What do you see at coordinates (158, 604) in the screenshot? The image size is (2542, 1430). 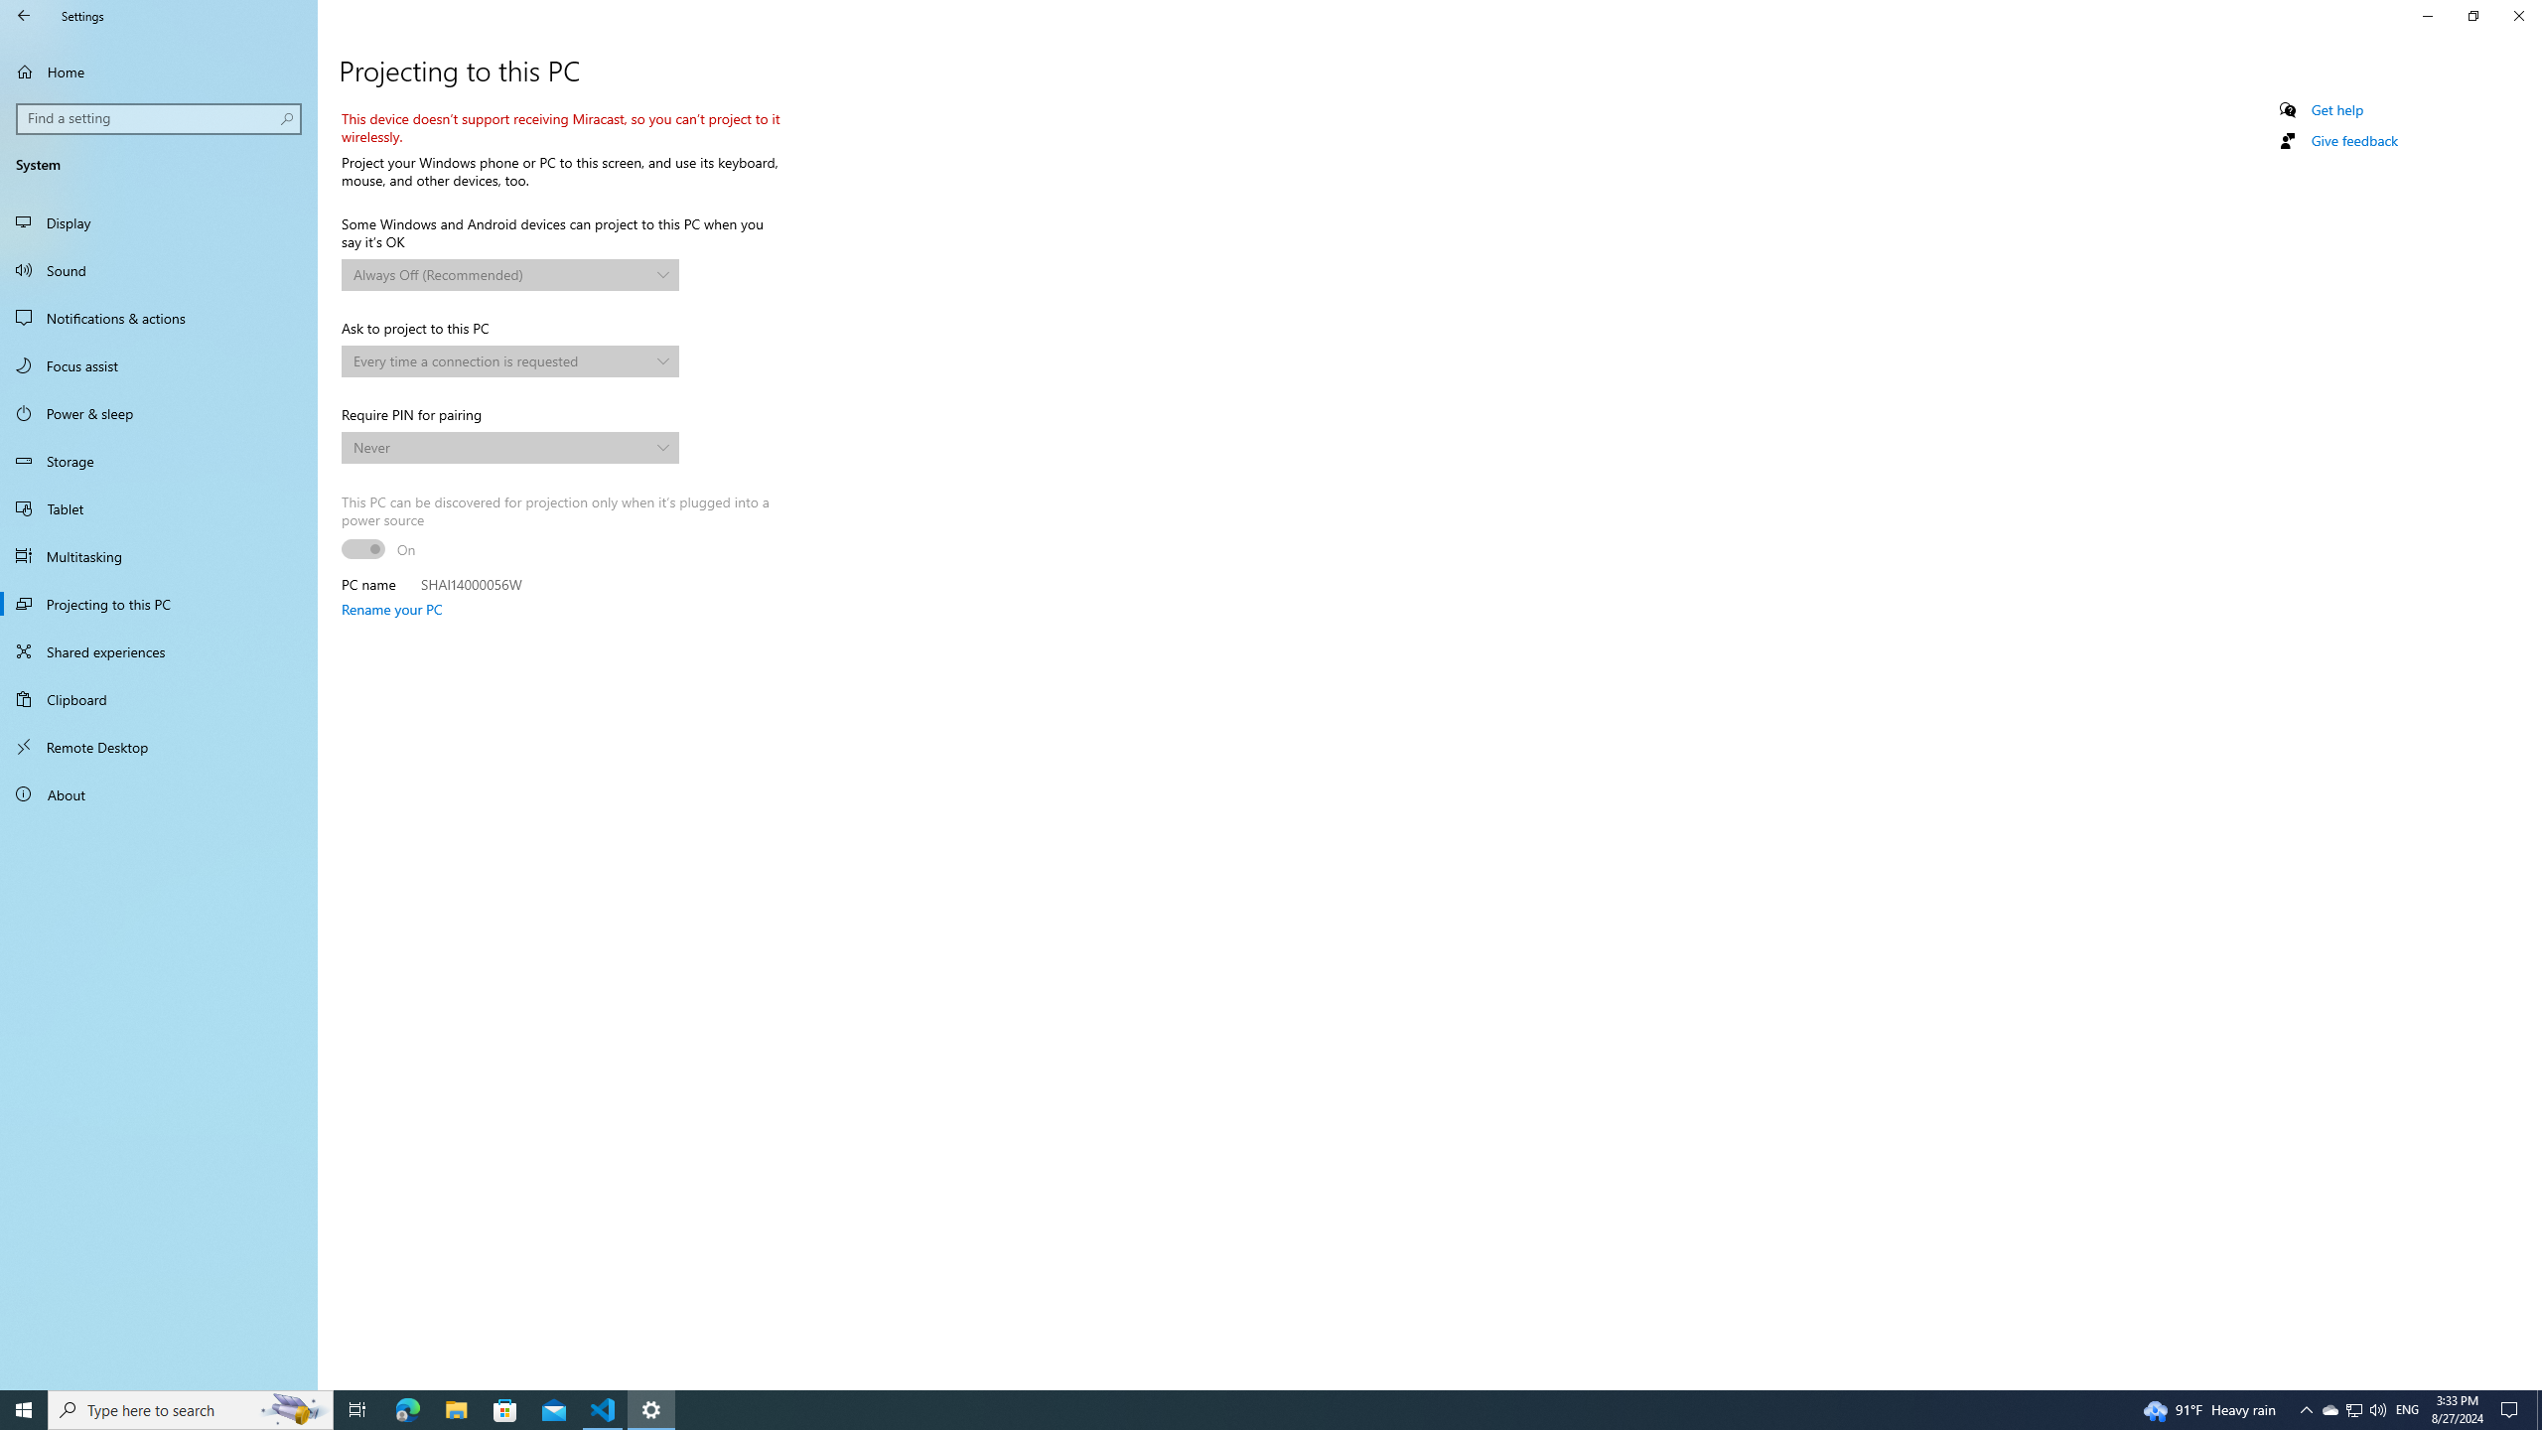 I see `'Projecting to this PC'` at bounding box center [158, 604].